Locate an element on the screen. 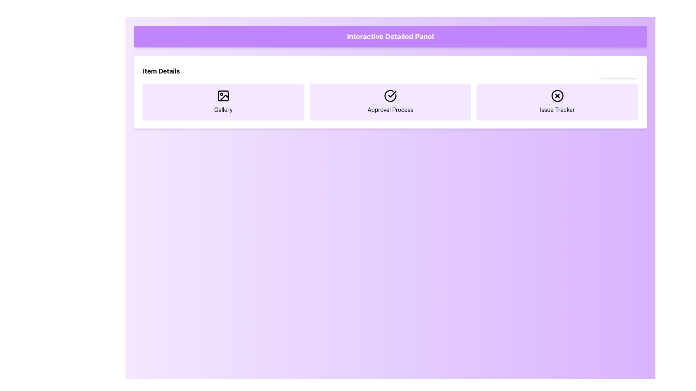  the text label displaying 'Approval Process', which is centered below a check mark icon within a rectangular card is located at coordinates (390, 110).